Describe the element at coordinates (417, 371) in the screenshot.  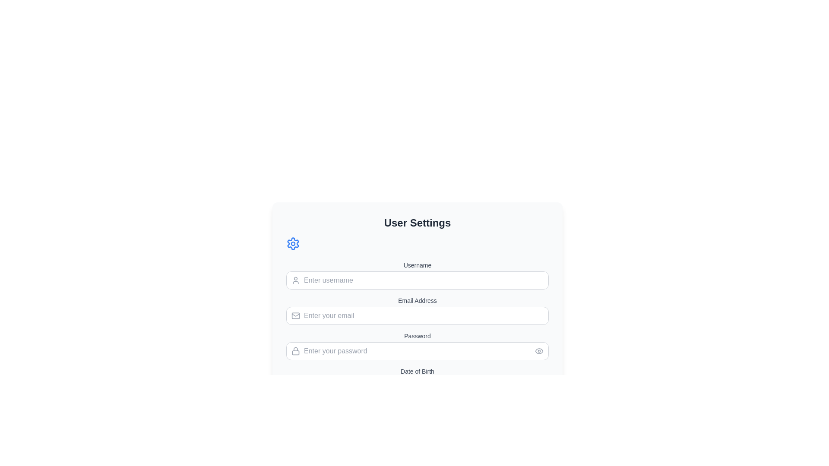
I see `the bold text label reading 'Date of Birth' that is positioned above the date picker input field in the lower part of the form layout` at that location.